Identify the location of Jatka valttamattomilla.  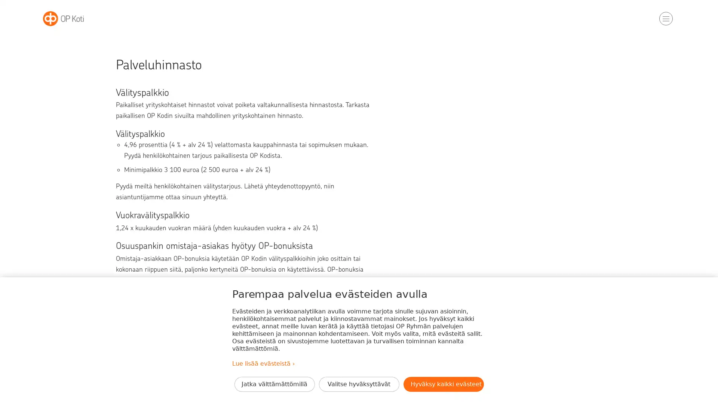
(274, 384).